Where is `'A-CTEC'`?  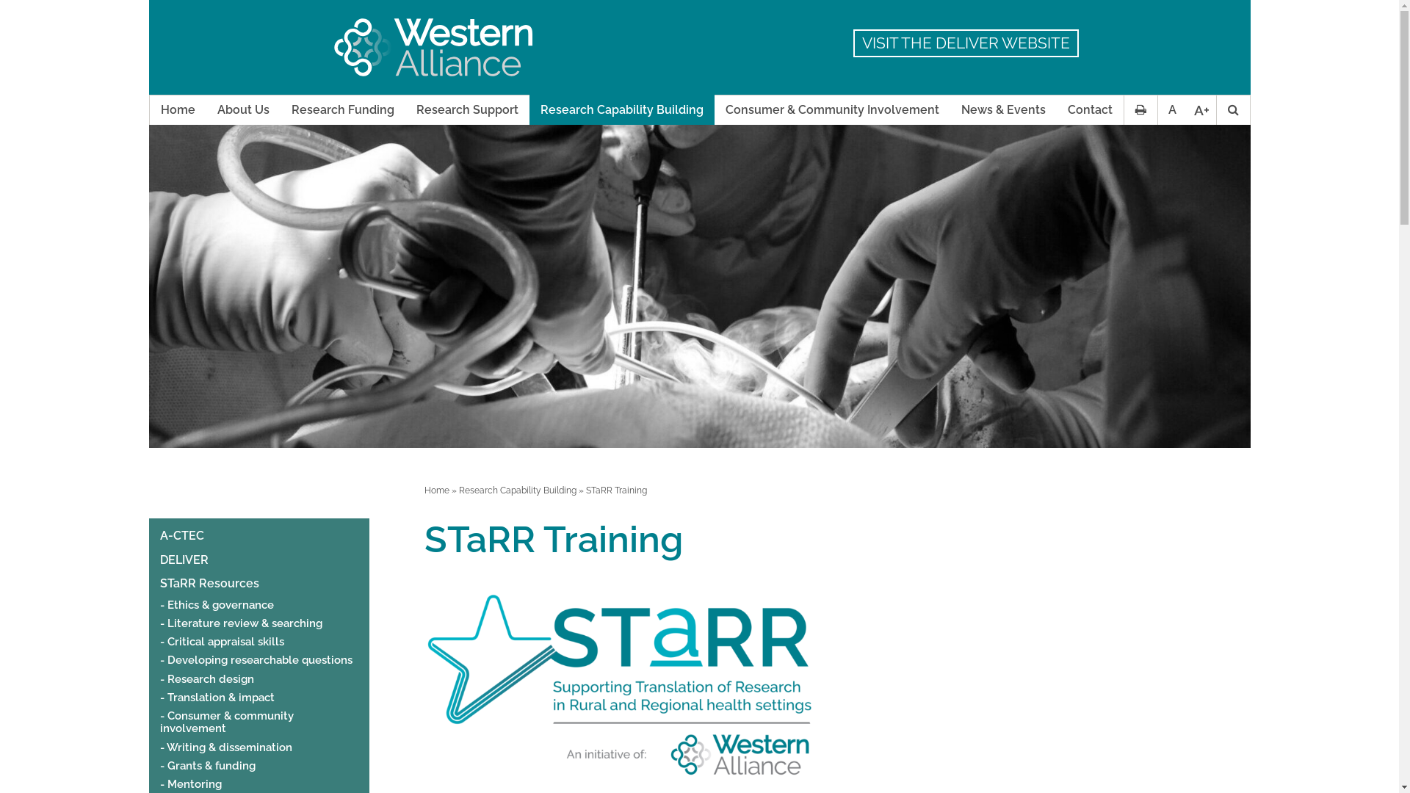 'A-CTEC' is located at coordinates (159, 535).